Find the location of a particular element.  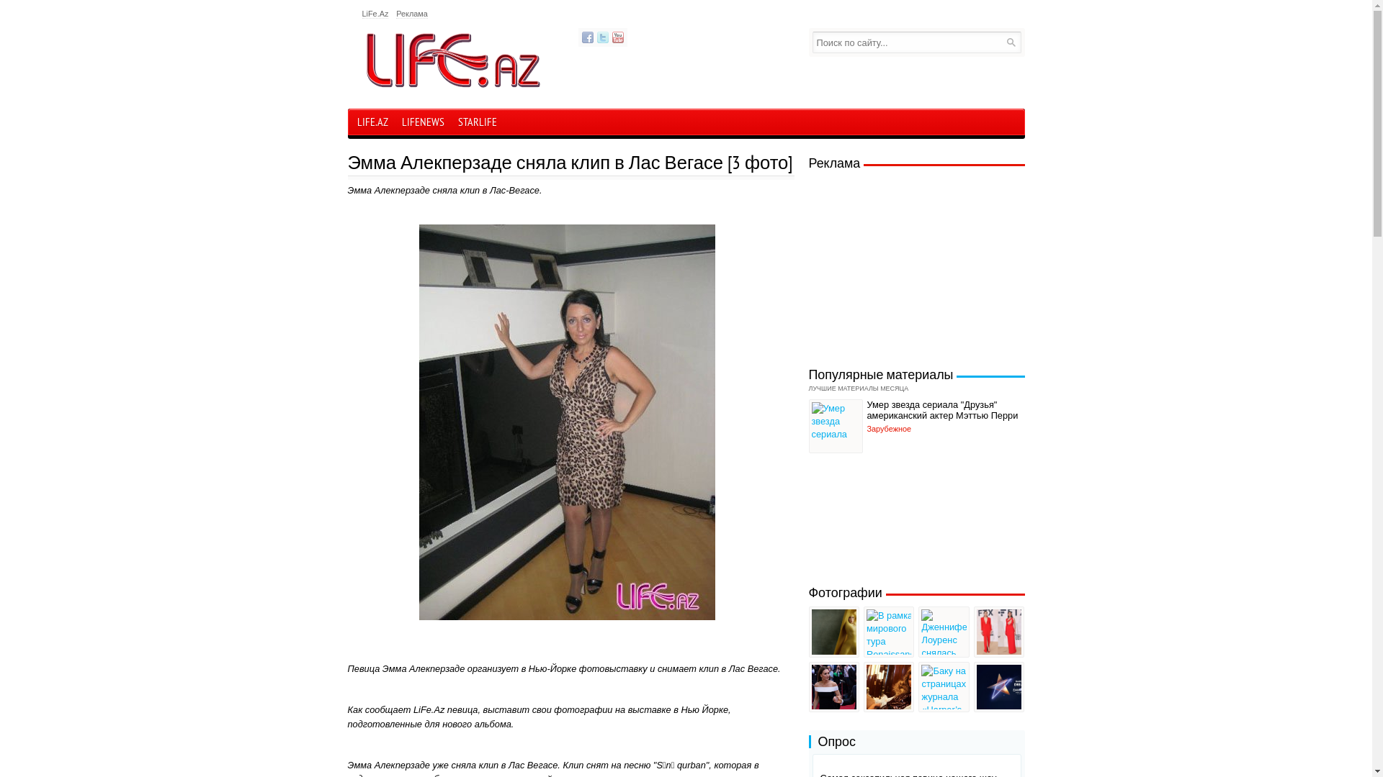

'Advertisement' is located at coordinates (914, 264).